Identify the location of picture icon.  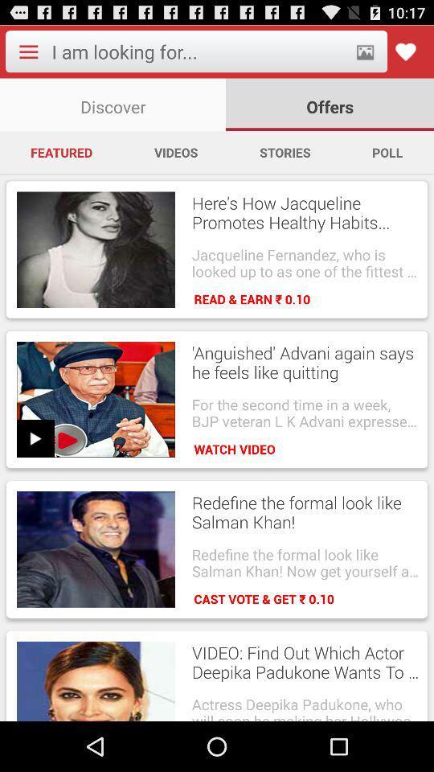
(365, 51).